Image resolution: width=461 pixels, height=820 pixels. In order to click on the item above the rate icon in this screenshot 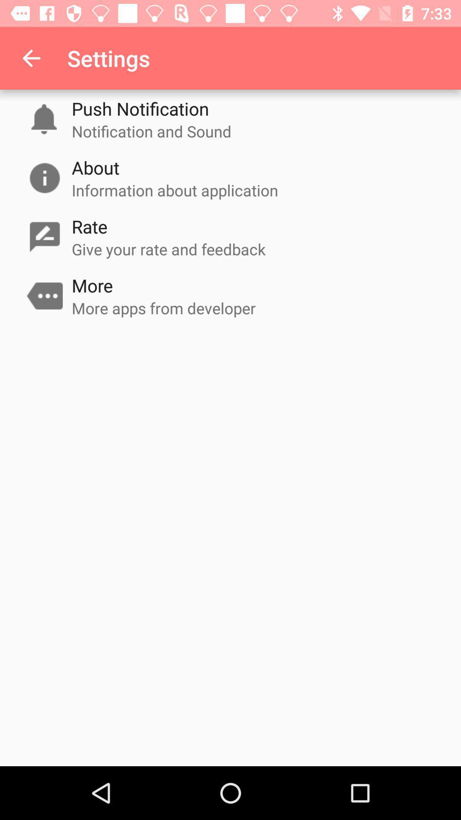, I will do `click(174, 190)`.